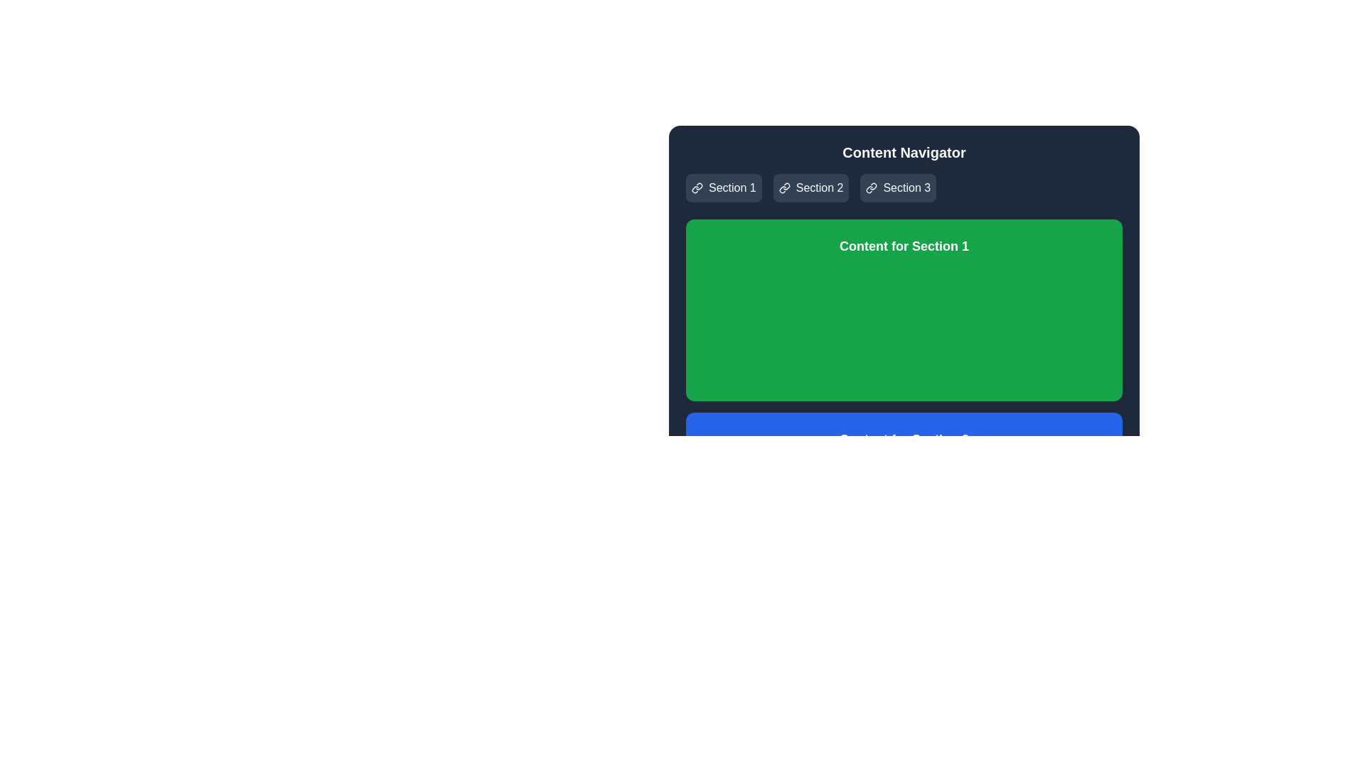 This screenshot has height=767, width=1365. Describe the element at coordinates (724, 187) in the screenshot. I see `the rectangular button labeled 'Section 1' with a dark slate blue background and a light hover effect located in the top-right part of the interface` at that location.